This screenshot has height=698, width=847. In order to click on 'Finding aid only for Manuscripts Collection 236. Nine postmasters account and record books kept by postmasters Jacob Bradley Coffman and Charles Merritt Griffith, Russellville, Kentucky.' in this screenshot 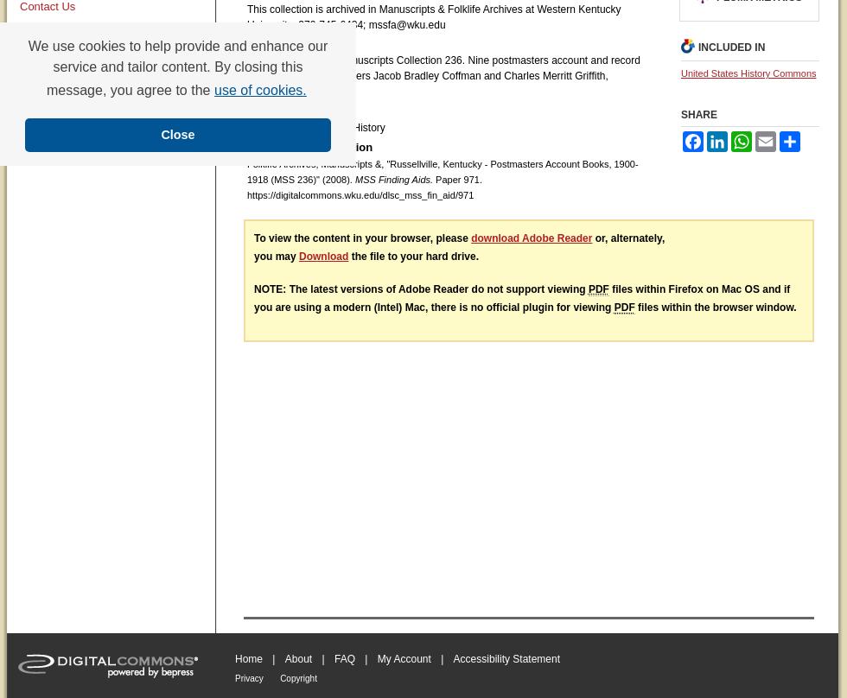, I will do `click(443, 75)`.